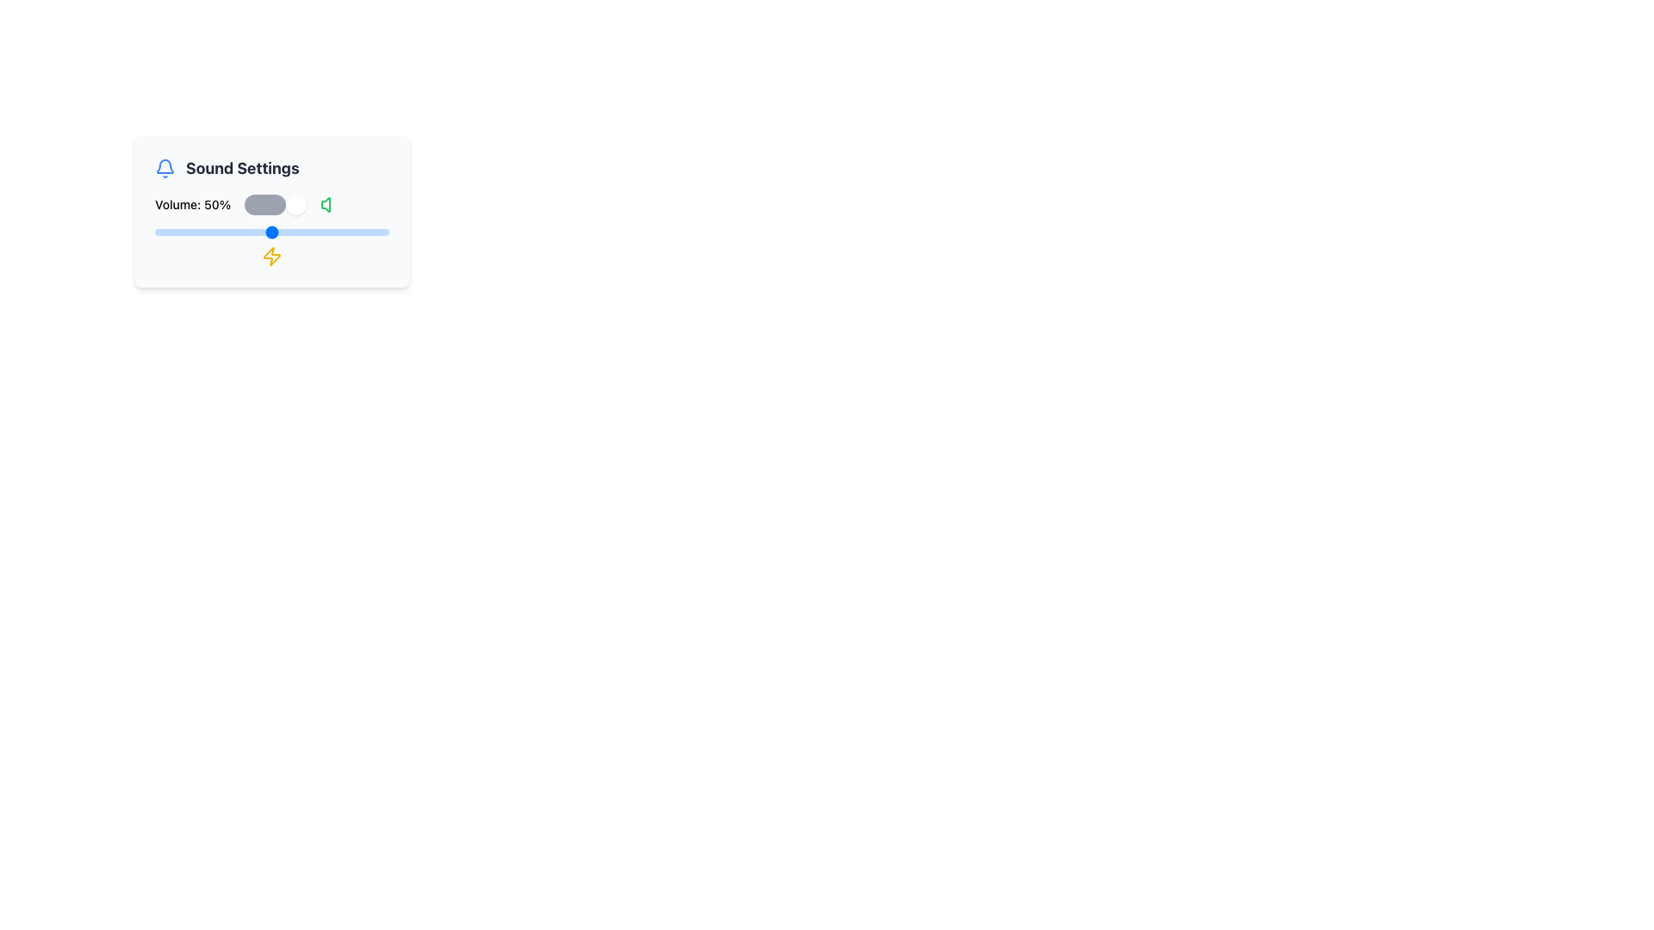  Describe the element at coordinates (326, 204) in the screenshot. I see `the graphical icon component of the volume settings, which is part of the audio settings interface, to adjust audio settings` at that location.